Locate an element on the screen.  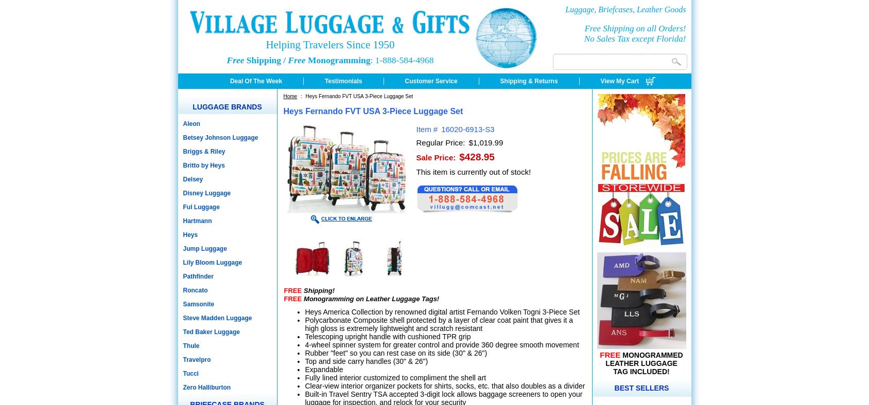
'Britto by Heys' is located at coordinates (203, 165).